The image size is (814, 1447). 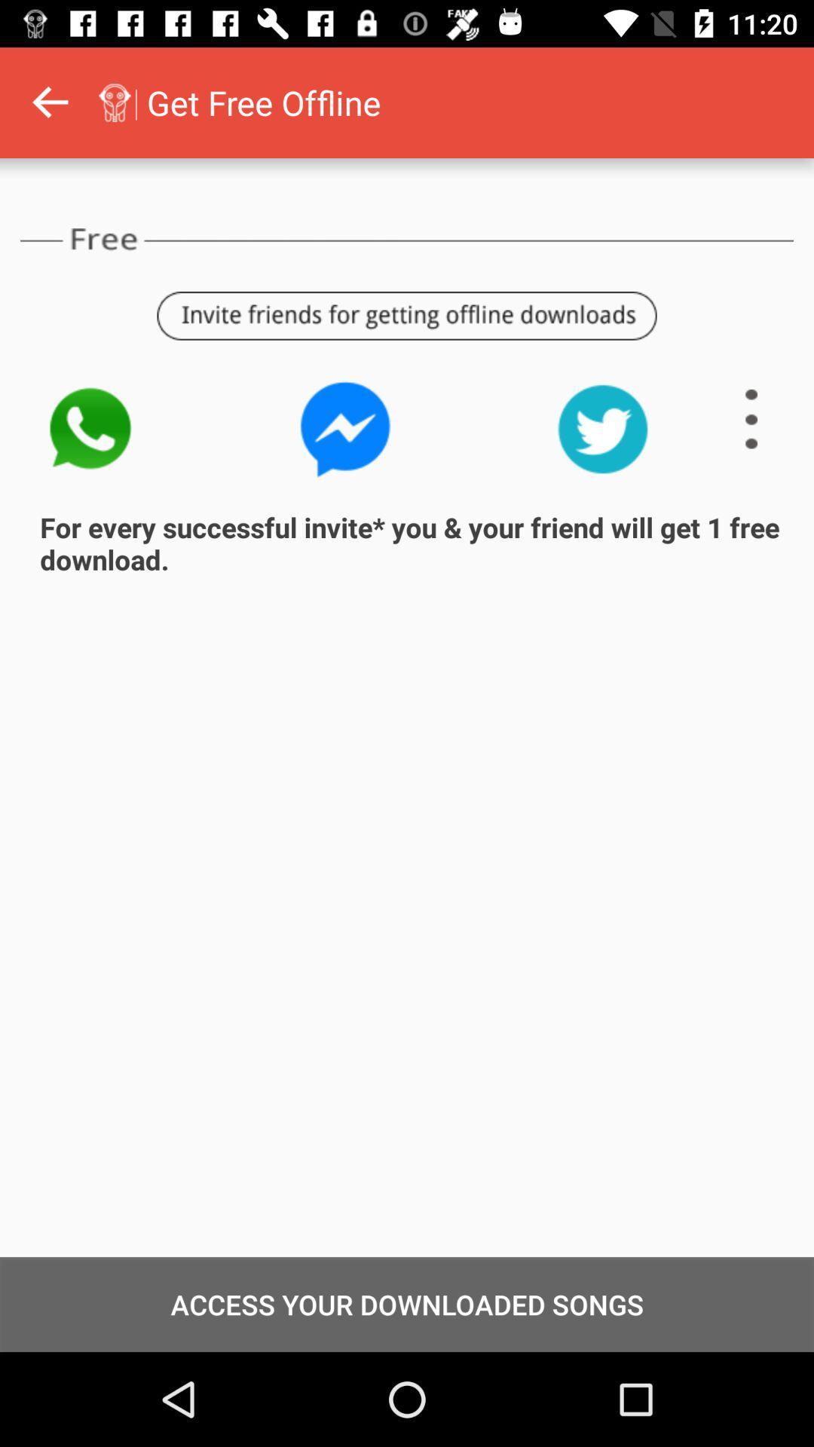 I want to click on the item above the for every successful item, so click(x=751, y=419).